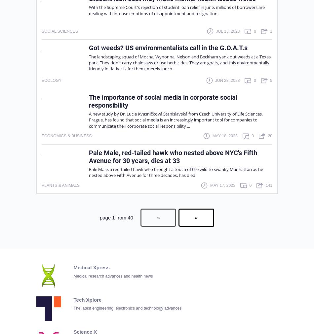 This screenshot has width=314, height=334. What do you see at coordinates (270, 135) in the screenshot?
I see `'20'` at bounding box center [270, 135].